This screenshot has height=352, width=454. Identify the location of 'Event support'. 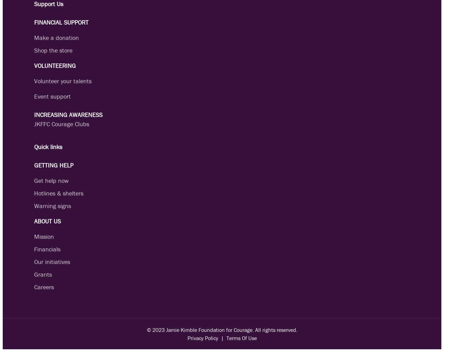
(52, 96).